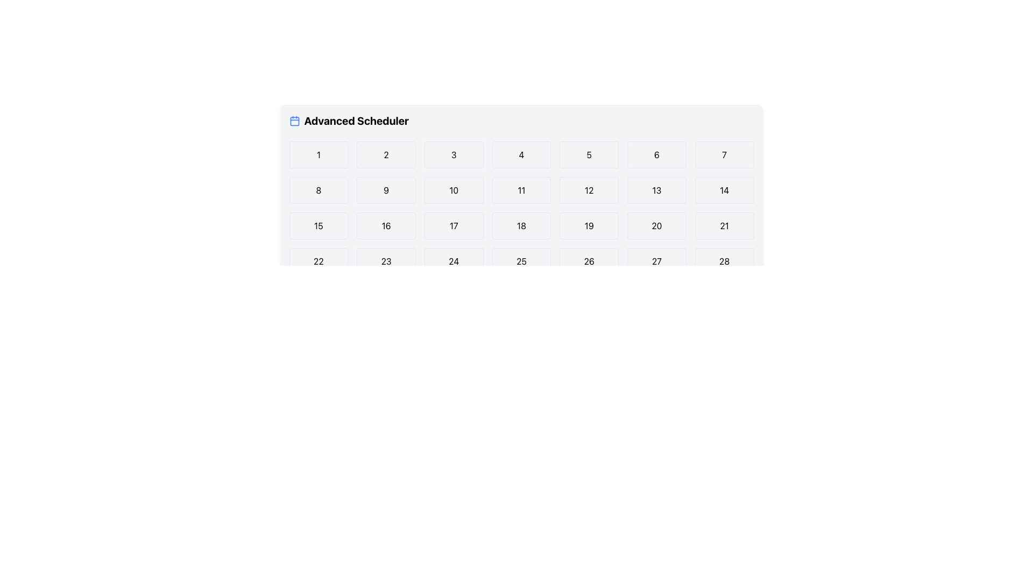 The image size is (1033, 581). What do you see at coordinates (588, 155) in the screenshot?
I see `the button representing the 5th day in the calendar grid located beneath the 'Advanced Scheduler' title` at bounding box center [588, 155].